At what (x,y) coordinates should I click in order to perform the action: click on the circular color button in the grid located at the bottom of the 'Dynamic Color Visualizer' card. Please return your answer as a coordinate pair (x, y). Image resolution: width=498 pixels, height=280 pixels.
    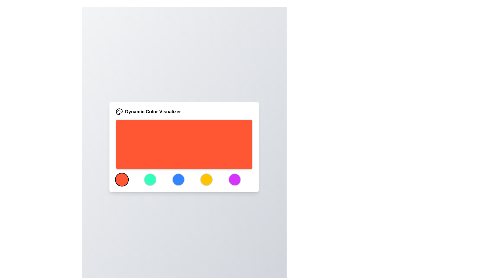
    Looking at the image, I should click on (184, 179).